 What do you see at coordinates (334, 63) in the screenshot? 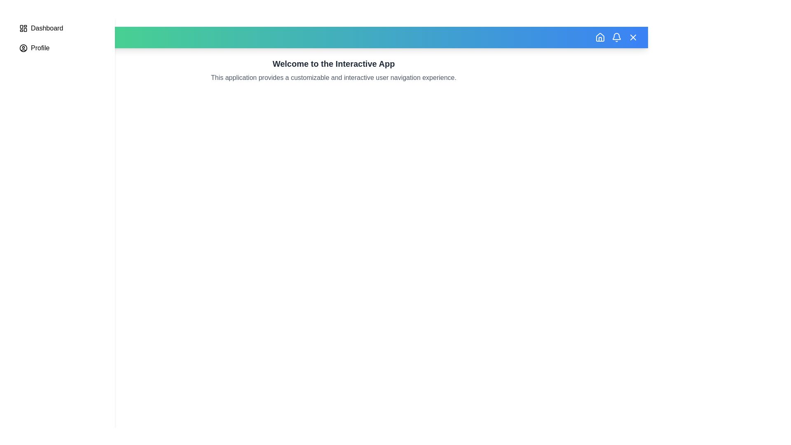
I see `the bold headline text label that displays 'Welcome to the Interactive App', located at the top-center of the application interface` at bounding box center [334, 63].